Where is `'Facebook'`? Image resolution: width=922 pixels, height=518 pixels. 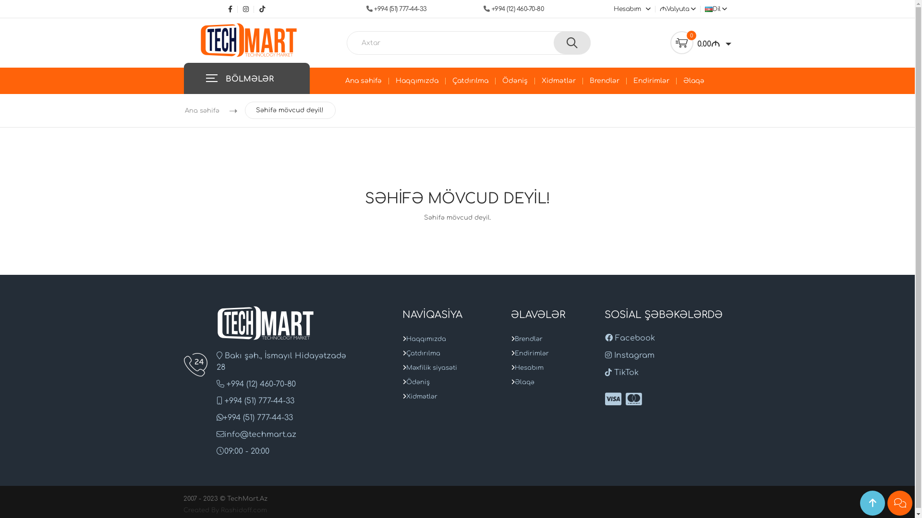 'Facebook' is located at coordinates (630, 338).